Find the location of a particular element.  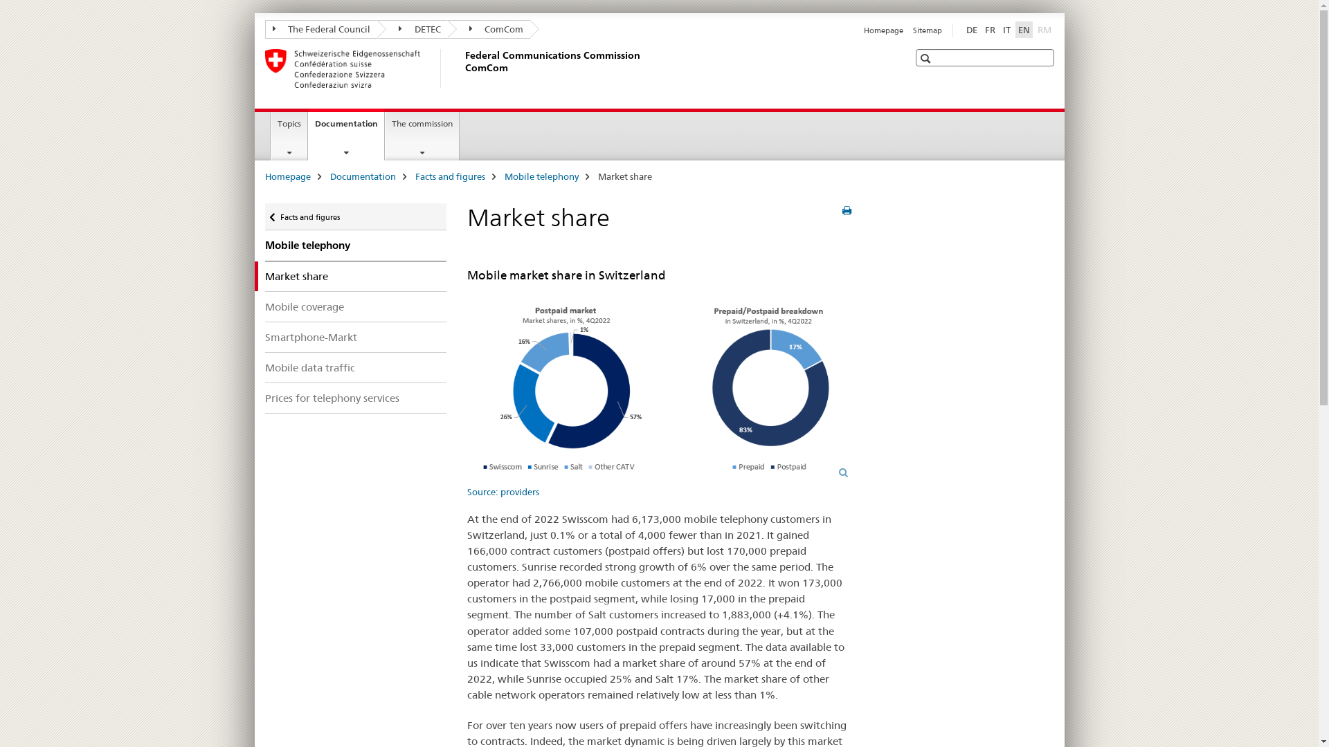

'IT' is located at coordinates (1000, 29).